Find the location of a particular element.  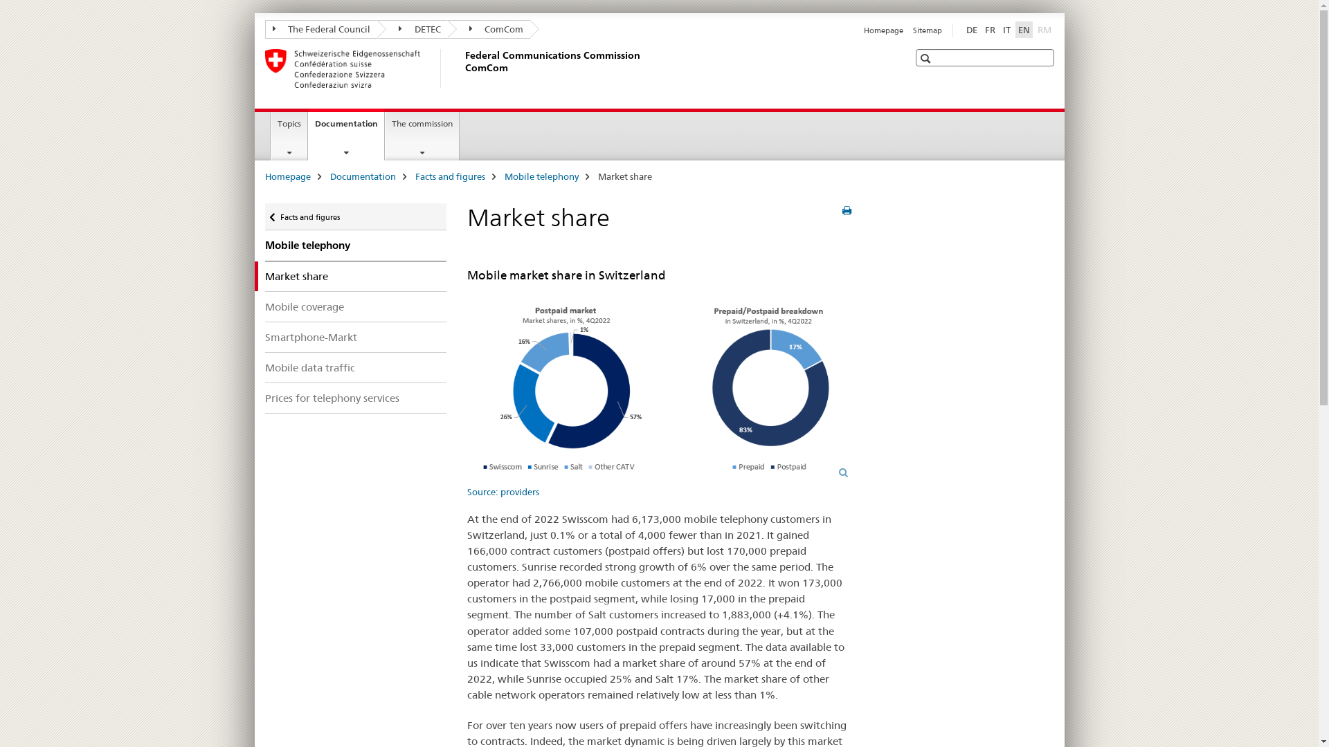

'IT' is located at coordinates (1000, 29).